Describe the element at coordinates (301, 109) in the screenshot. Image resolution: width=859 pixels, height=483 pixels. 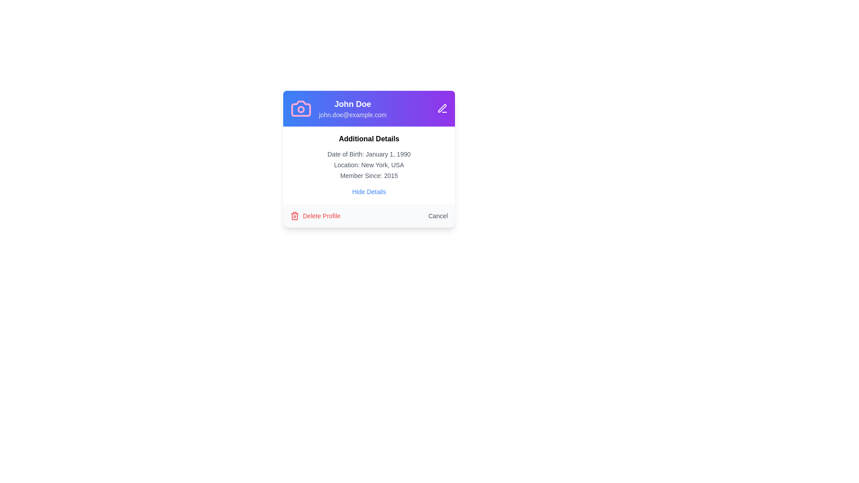
I see `the small circular feature located within the lens of the camera icon at the specified coordinates` at that location.